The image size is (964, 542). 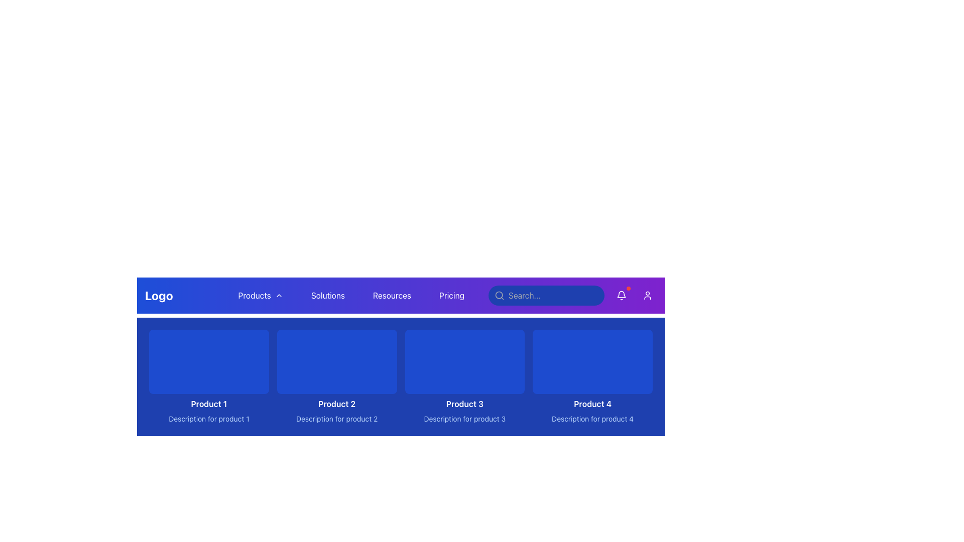 What do you see at coordinates (499, 295) in the screenshot?
I see `the decorative search icon located on the left side of the search bar in the navigation header` at bounding box center [499, 295].